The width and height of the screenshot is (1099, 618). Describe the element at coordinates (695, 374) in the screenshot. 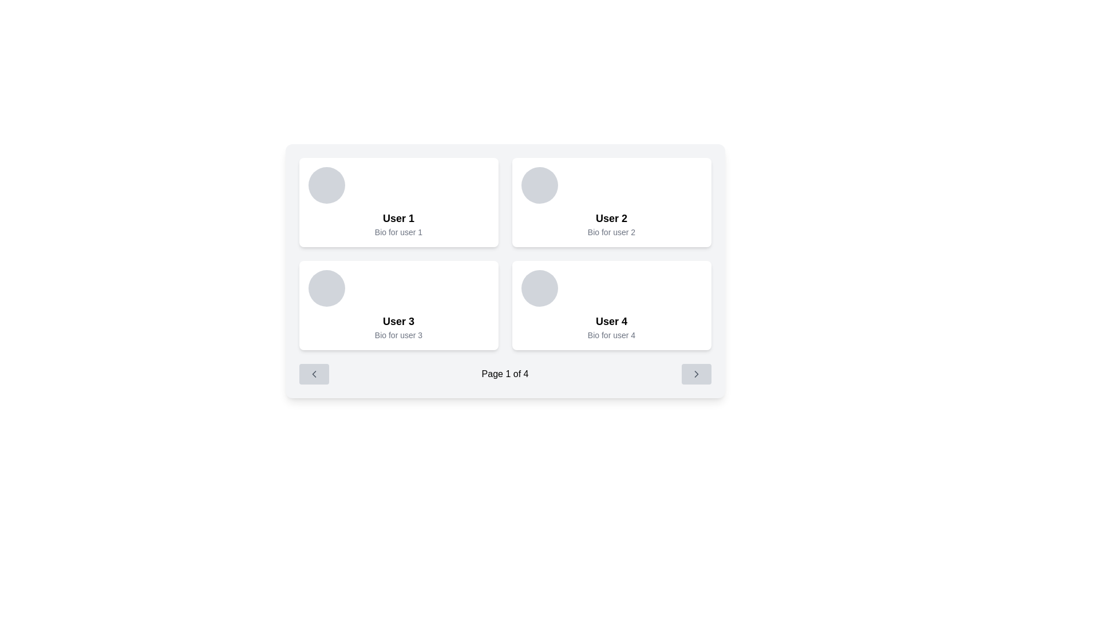

I see `the rightward-facing chevron arrow icon in the pagination control to advance to the next page` at that location.